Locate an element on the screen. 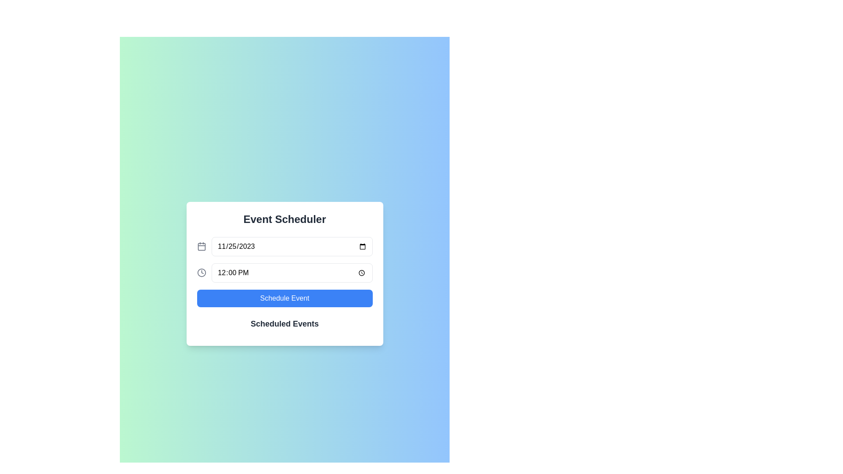 This screenshot has width=843, height=474. the 'Event Scheduler' text label, which is a bold, dark gray header located at the top of a form-like interface is located at coordinates (285, 219).